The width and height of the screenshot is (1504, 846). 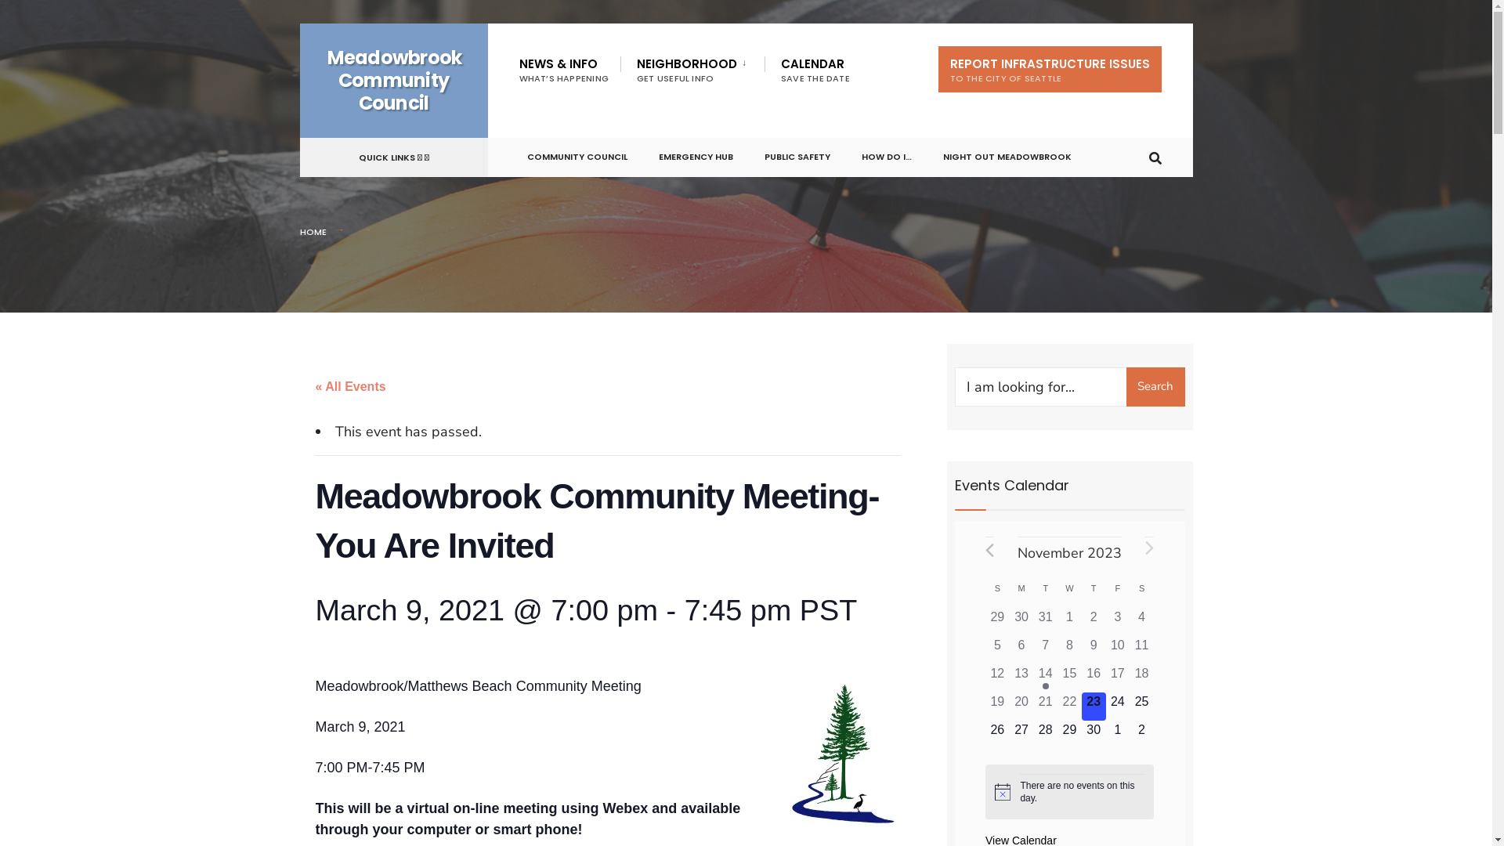 I want to click on '0 events,, so click(x=1141, y=734).